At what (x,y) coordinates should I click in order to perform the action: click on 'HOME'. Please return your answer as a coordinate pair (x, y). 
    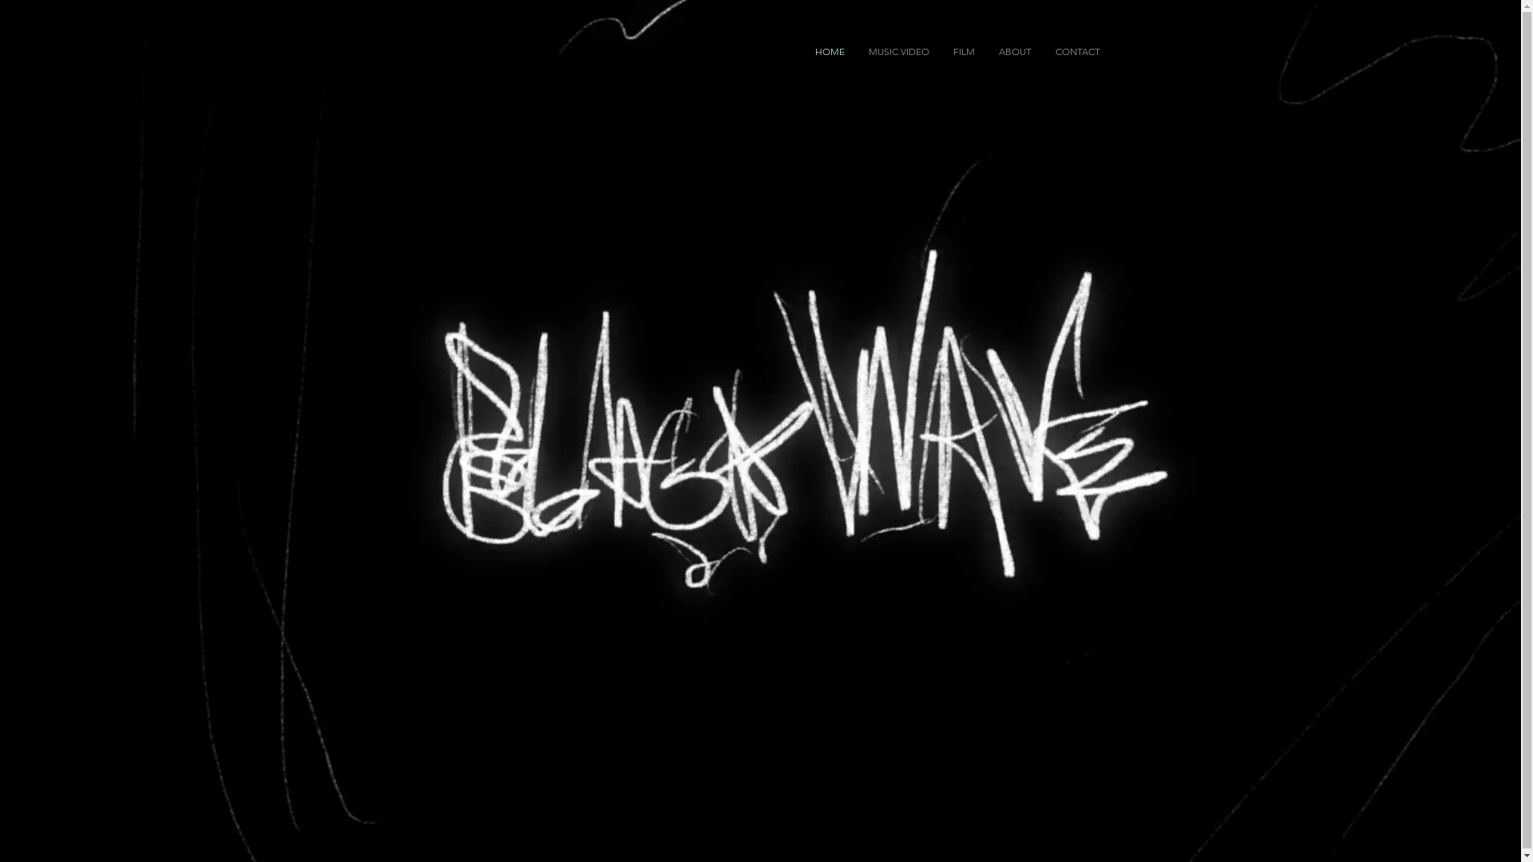
    Looking at the image, I should click on (803, 51).